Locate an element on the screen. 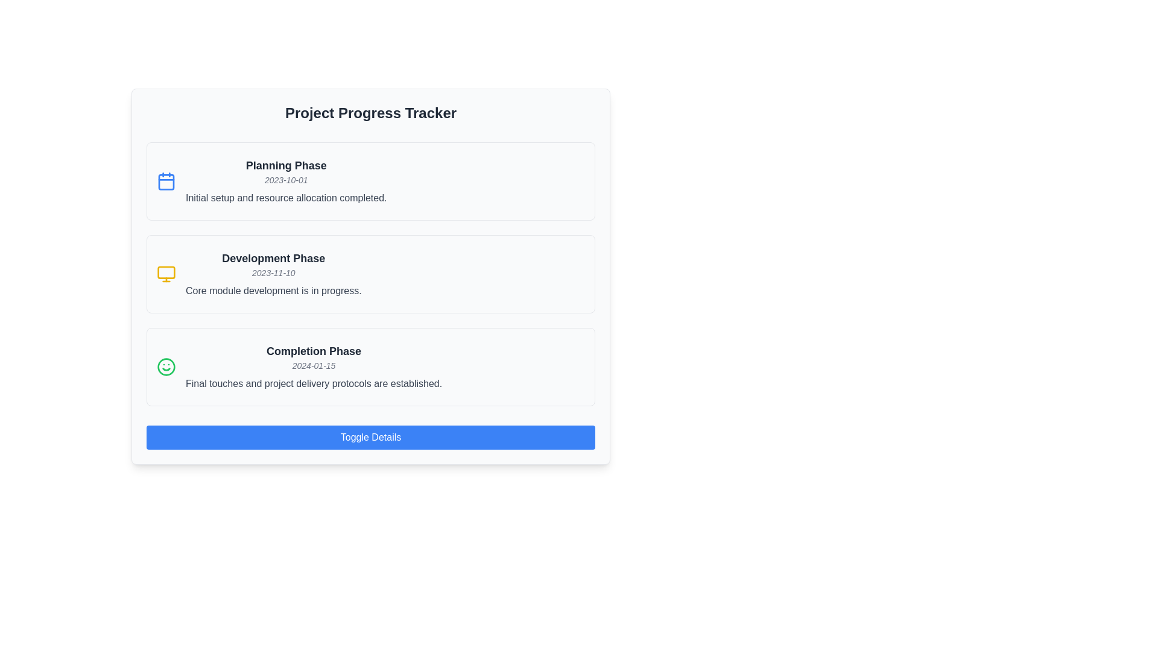 This screenshot has height=651, width=1158. the text label that displays 'Completion Phase', which is styled in bold and dark gray, located at the top of the third section of the progress layout is located at coordinates (314, 351).